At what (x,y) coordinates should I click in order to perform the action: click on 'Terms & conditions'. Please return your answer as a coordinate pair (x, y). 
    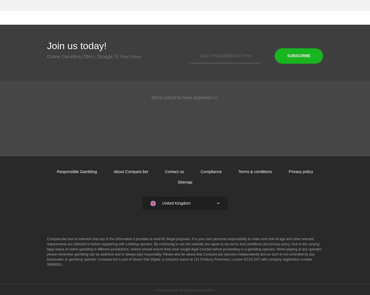
    Looking at the image, I should click on (238, 171).